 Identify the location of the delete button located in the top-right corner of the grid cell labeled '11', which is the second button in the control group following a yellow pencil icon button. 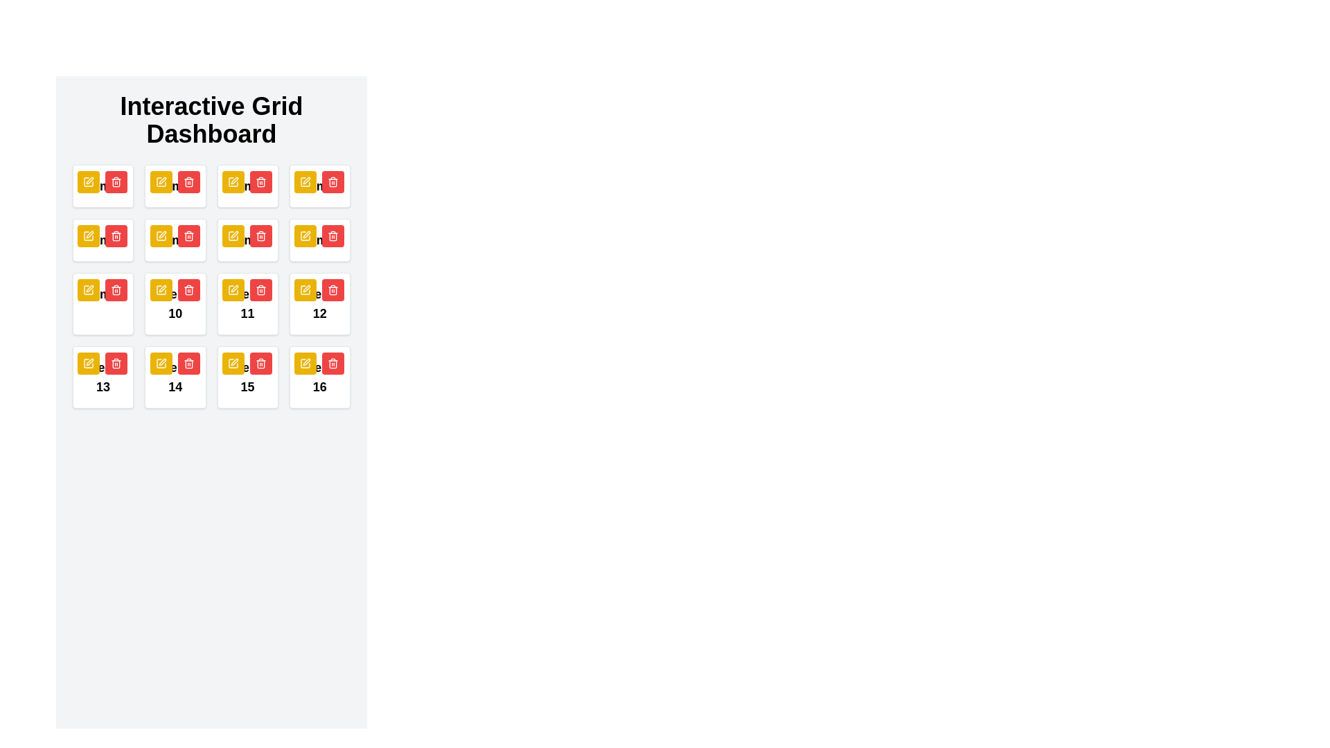
(260, 181).